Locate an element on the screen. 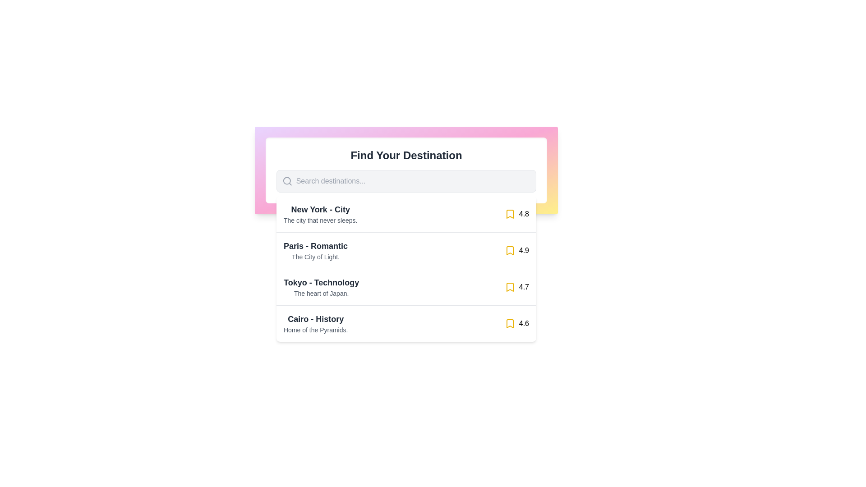 The height and width of the screenshot is (487, 866). the list item displaying 'Tokyo - Technology' is located at coordinates (406, 287).